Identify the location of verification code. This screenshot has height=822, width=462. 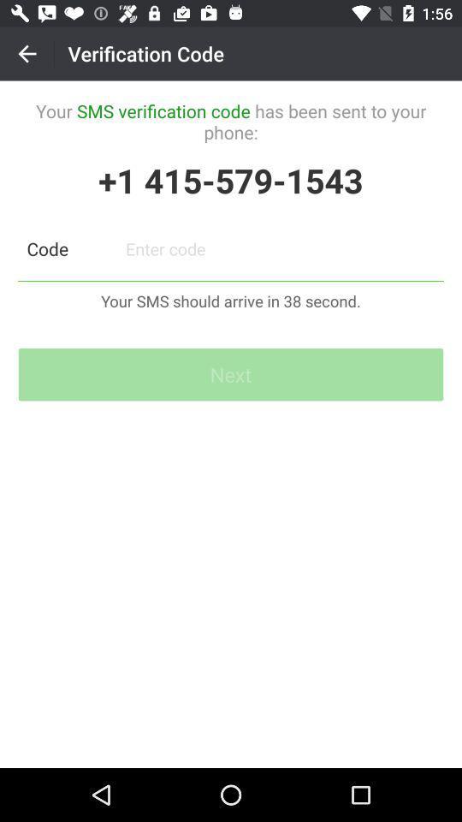
(280, 247).